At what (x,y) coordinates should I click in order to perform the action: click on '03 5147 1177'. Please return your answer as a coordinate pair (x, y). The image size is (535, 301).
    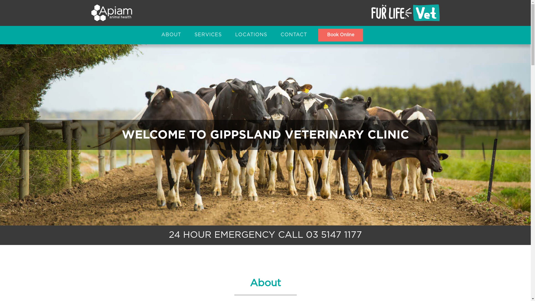
    Looking at the image, I should click on (334, 235).